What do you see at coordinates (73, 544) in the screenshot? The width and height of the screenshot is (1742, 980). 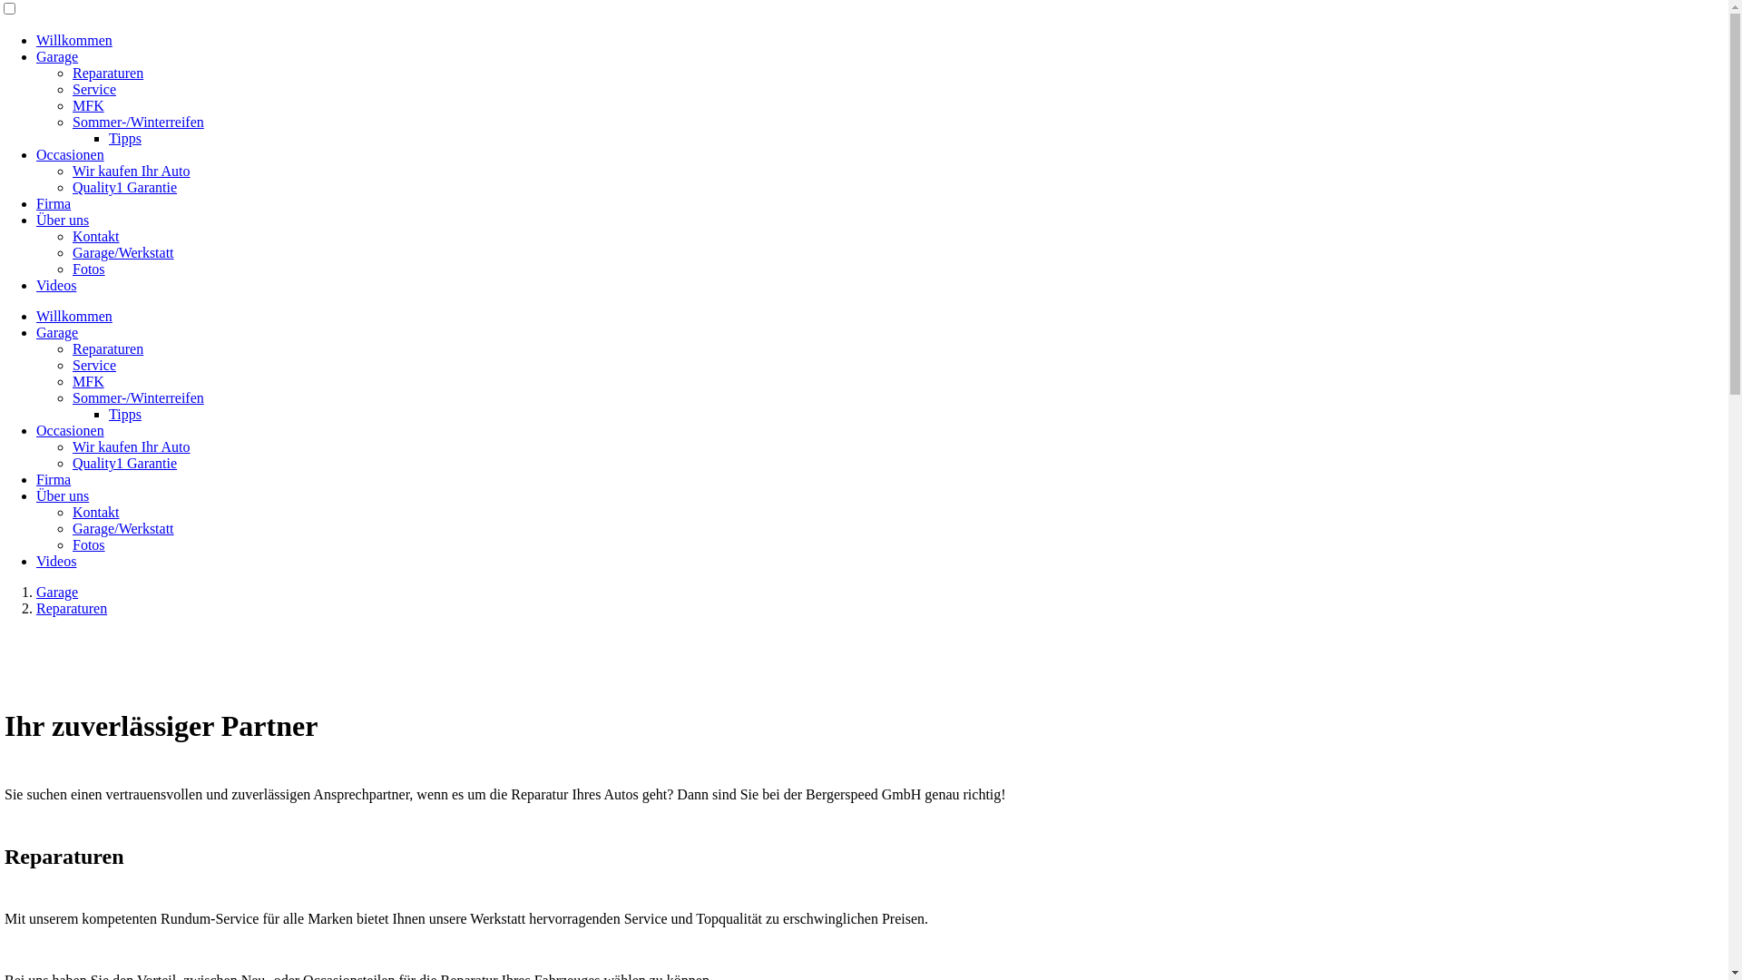 I see `'Fotos'` at bounding box center [73, 544].